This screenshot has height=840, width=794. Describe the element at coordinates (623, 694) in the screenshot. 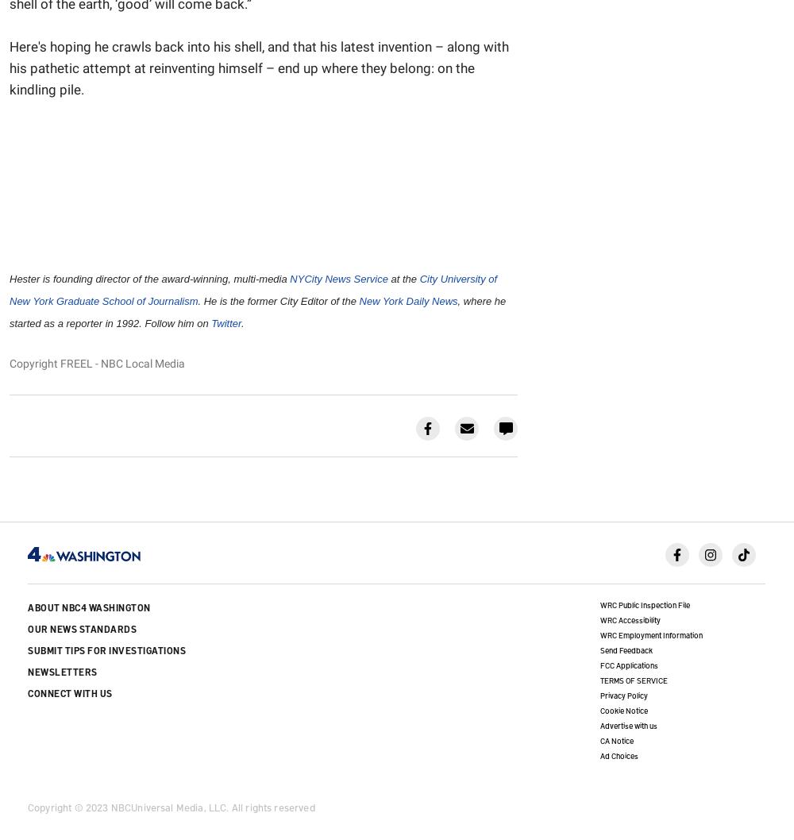

I see `'Privacy Policy'` at that location.